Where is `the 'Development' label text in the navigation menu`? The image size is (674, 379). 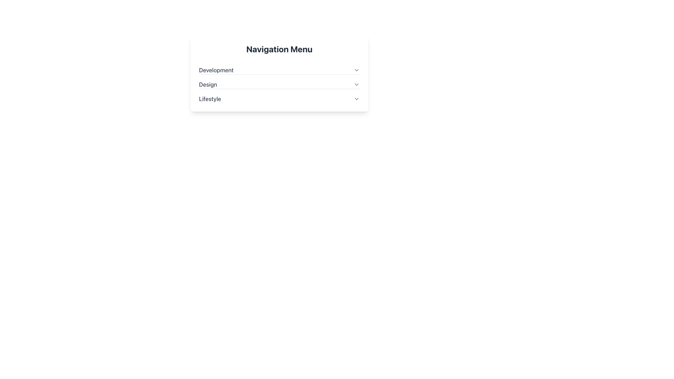
the 'Development' label text in the navigation menu is located at coordinates (216, 70).